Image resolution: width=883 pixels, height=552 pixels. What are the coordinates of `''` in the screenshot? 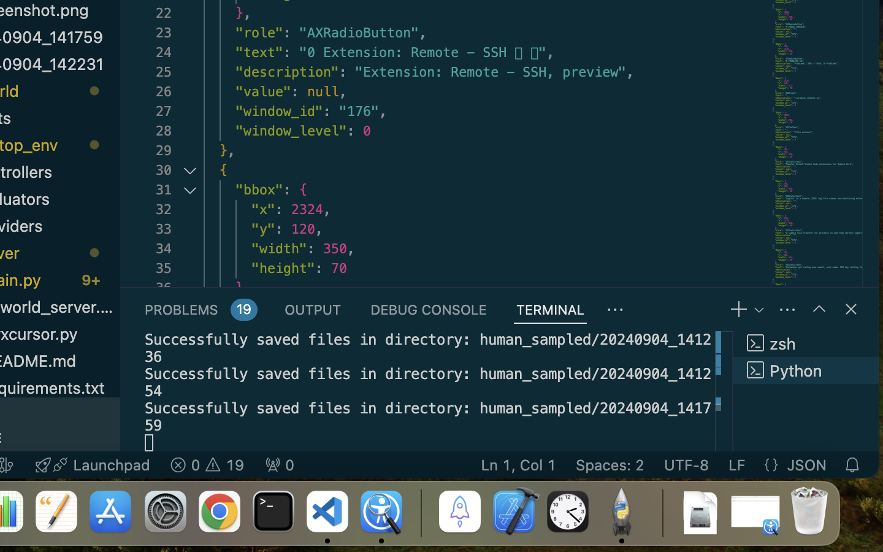 It's located at (851, 309).